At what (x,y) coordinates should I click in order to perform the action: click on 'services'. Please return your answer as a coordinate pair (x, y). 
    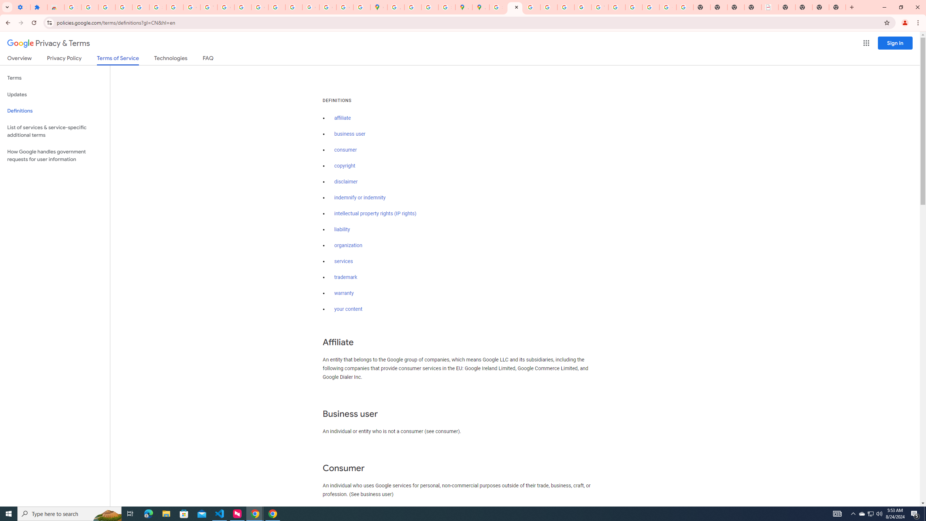
    Looking at the image, I should click on (343, 261).